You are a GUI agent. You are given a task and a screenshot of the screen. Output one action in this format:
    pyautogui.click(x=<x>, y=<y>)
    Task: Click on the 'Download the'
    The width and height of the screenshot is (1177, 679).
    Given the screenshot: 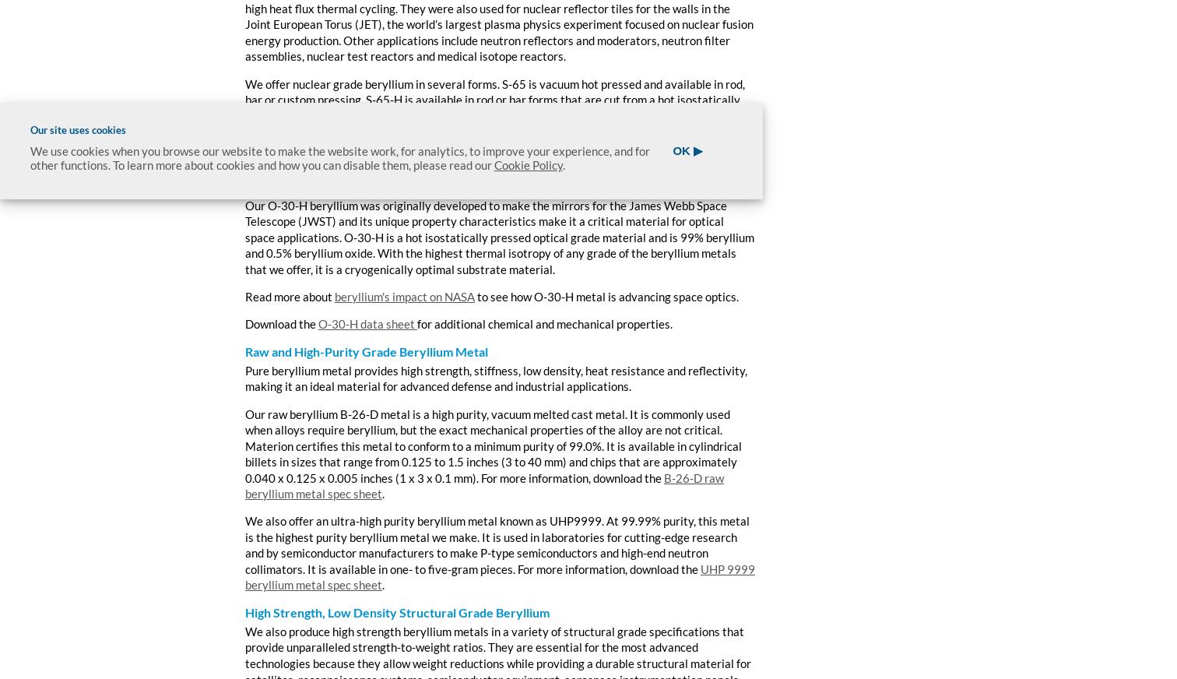 What is the action you would take?
    pyautogui.click(x=281, y=324)
    